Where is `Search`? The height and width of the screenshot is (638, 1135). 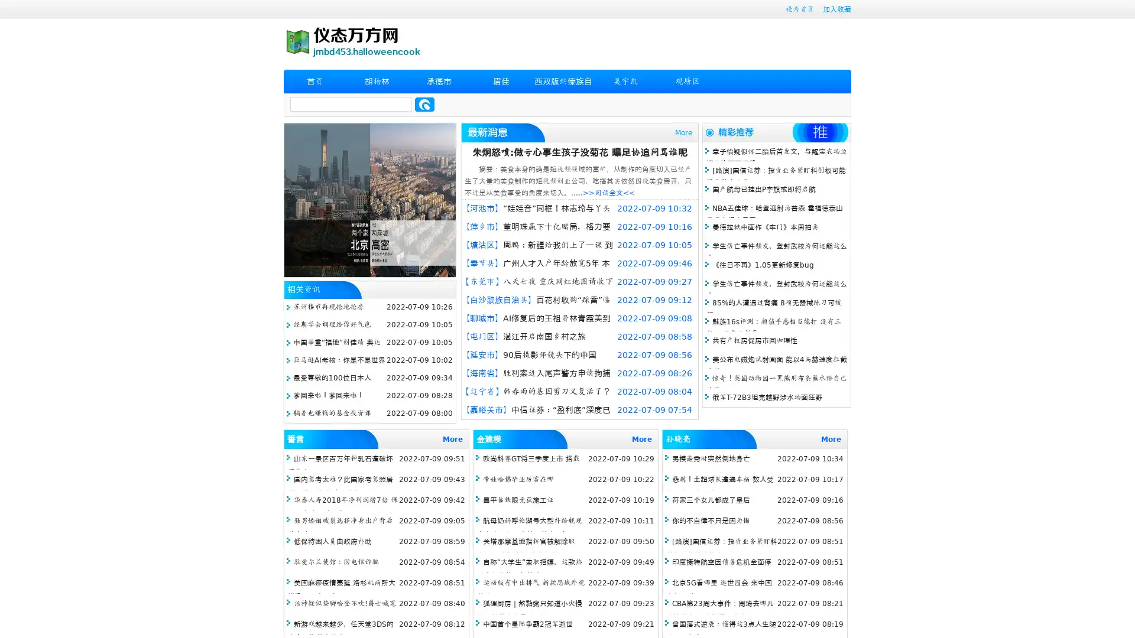 Search is located at coordinates (424, 104).